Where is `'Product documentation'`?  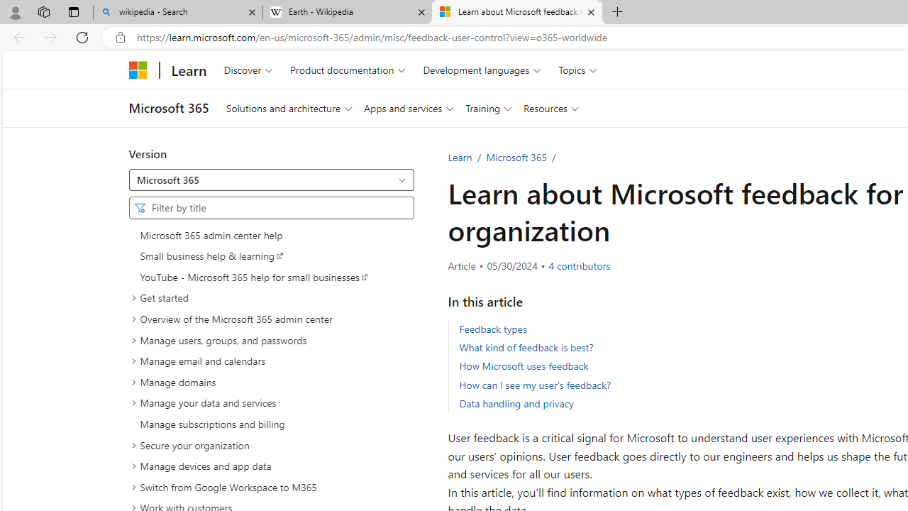
'Product documentation' is located at coordinates (348, 70).